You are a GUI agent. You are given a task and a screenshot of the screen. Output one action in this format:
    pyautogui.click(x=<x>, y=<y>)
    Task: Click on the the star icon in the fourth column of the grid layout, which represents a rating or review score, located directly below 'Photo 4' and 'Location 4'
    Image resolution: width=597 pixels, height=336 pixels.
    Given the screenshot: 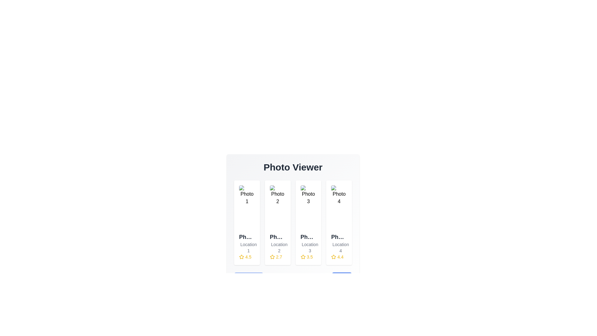 What is the action you would take?
    pyautogui.click(x=333, y=257)
    